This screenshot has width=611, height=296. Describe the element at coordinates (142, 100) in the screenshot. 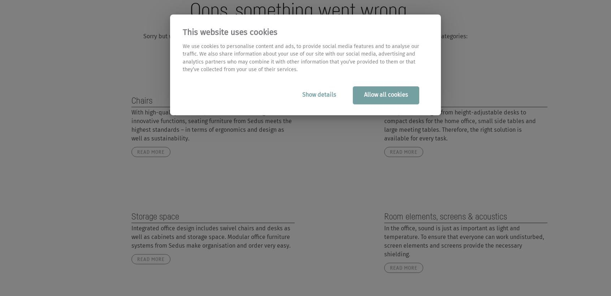

I see `'Chairs'` at that location.